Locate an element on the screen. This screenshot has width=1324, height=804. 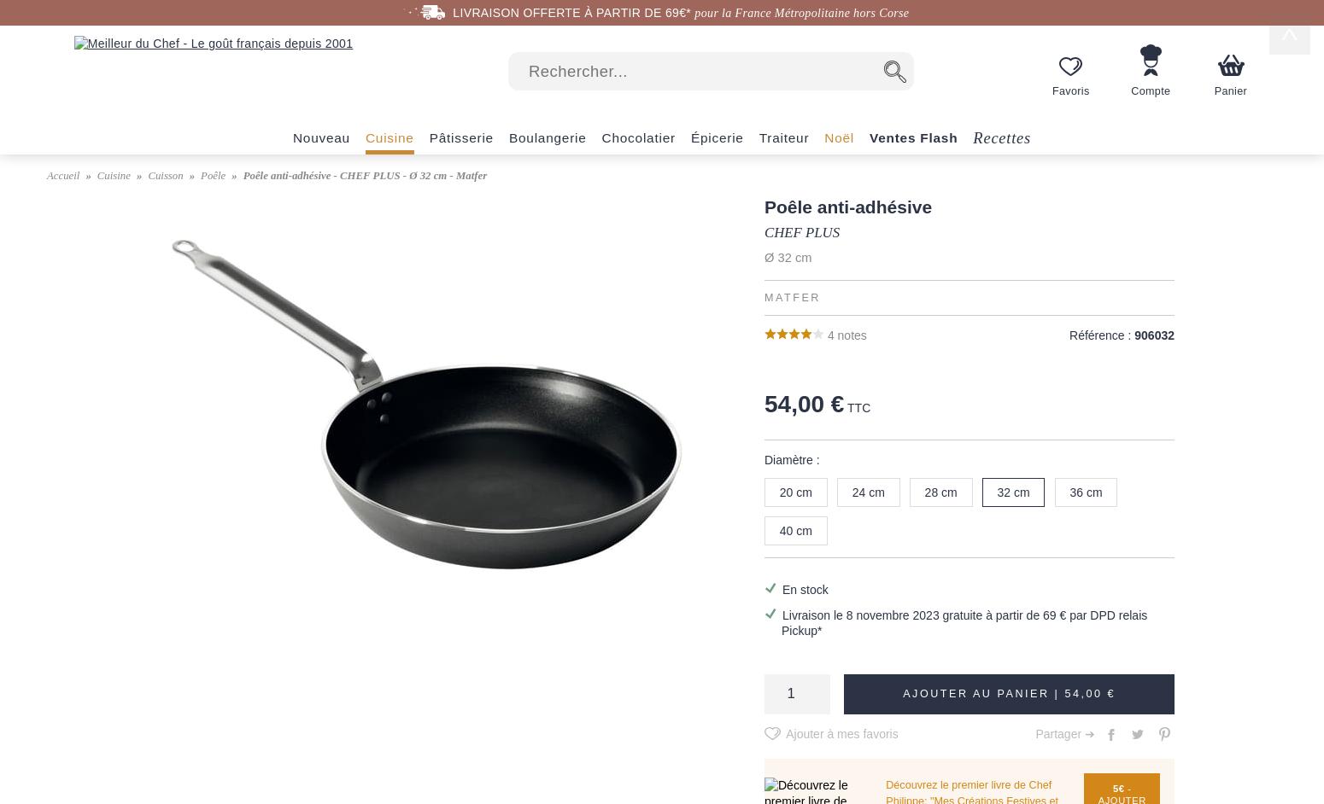
'pour la France Métropolitaine hors Corse' is located at coordinates (800, 13).